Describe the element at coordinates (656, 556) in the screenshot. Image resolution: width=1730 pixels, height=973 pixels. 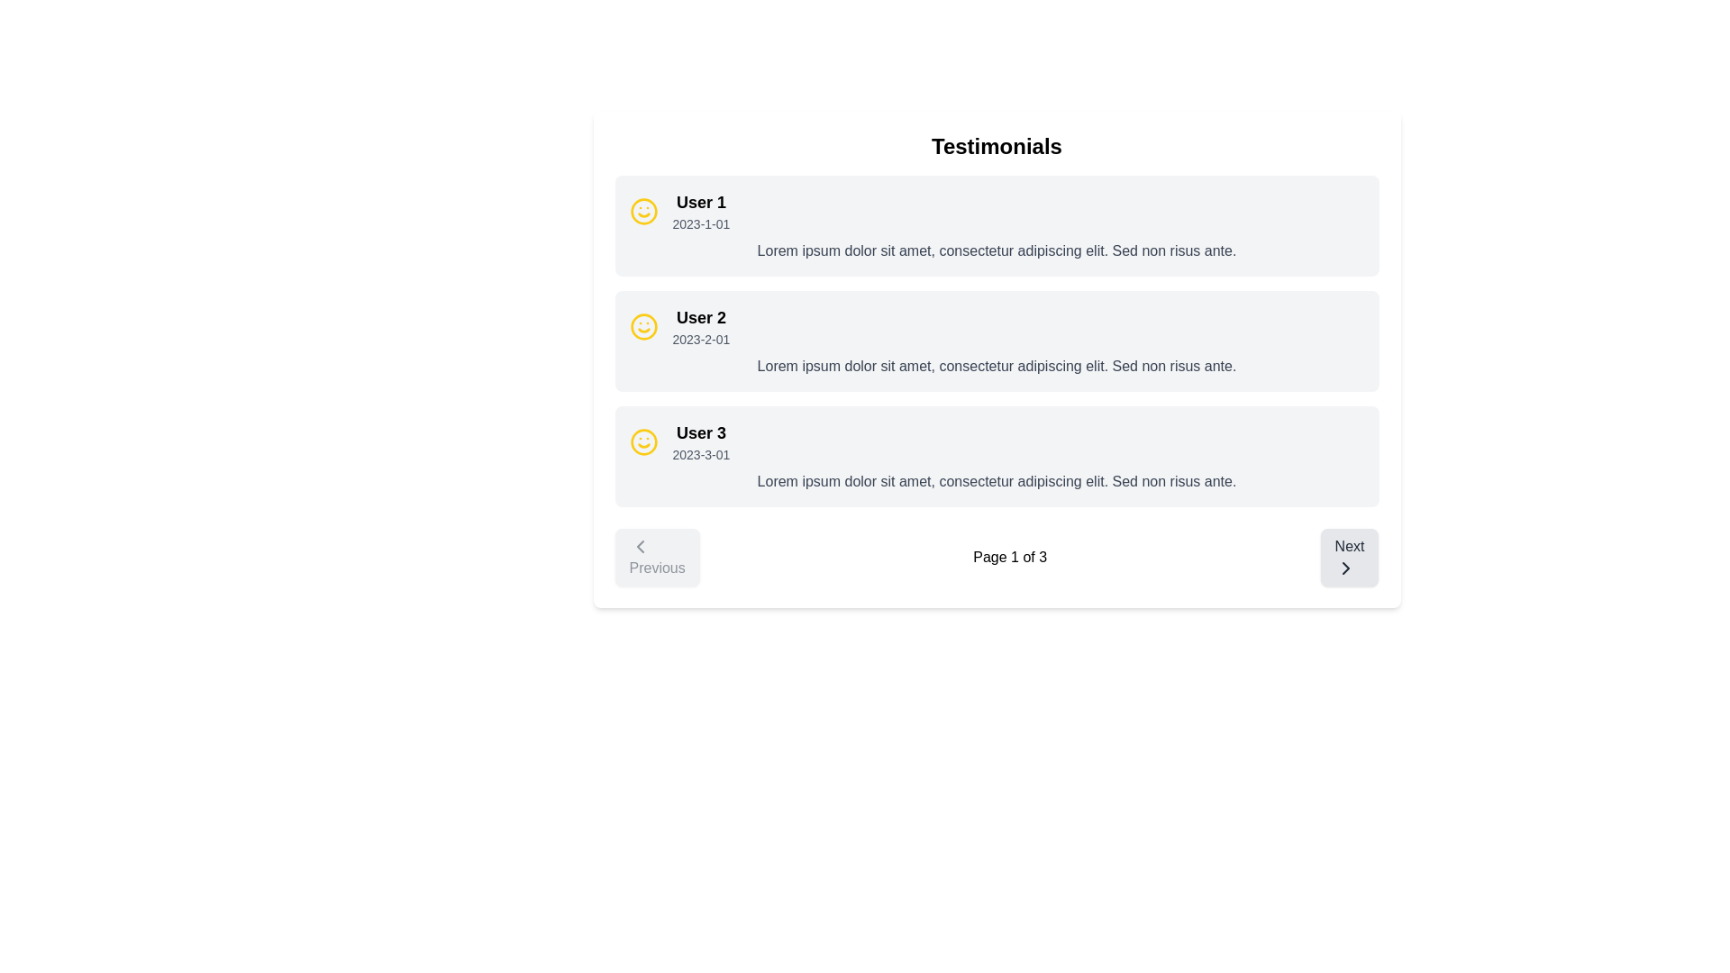
I see `the 'Previous' button, which is a rounded rectangular button with a light gray background, located at the bottom of the testimonials section` at that location.